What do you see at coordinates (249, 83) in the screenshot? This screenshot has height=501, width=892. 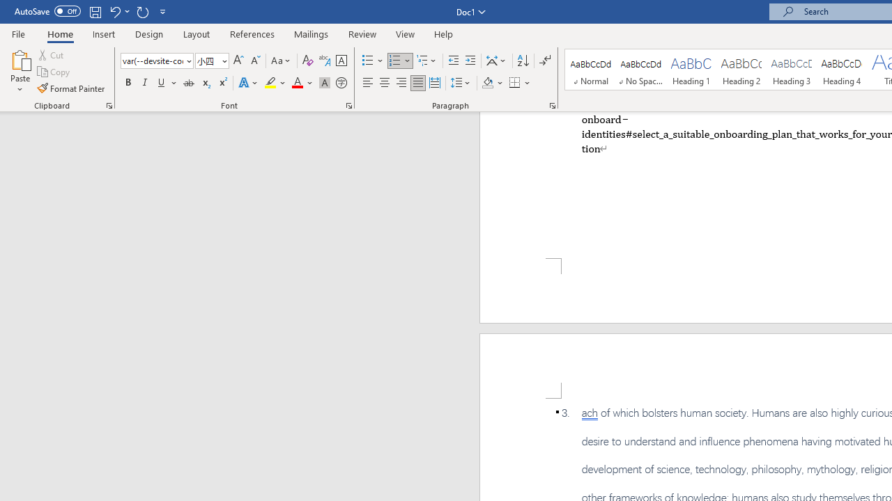 I see `'Text Effects and Typography'` at bounding box center [249, 83].